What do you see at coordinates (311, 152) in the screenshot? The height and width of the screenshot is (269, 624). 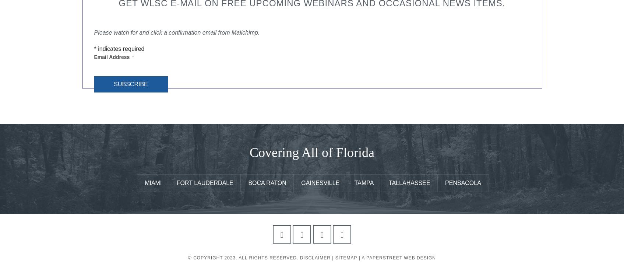 I see `'Covering All of Florida'` at bounding box center [311, 152].